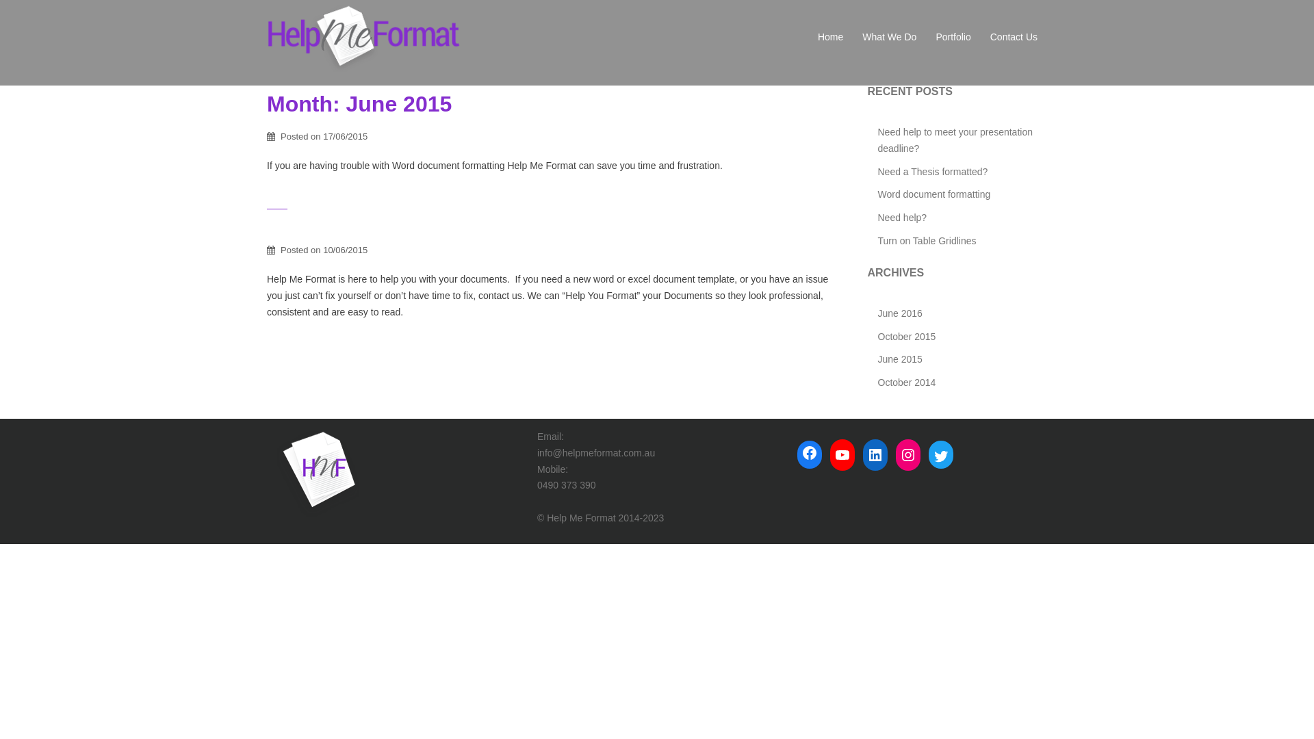 The width and height of the screenshot is (1314, 739). I want to click on 'What We Do', so click(889, 36).